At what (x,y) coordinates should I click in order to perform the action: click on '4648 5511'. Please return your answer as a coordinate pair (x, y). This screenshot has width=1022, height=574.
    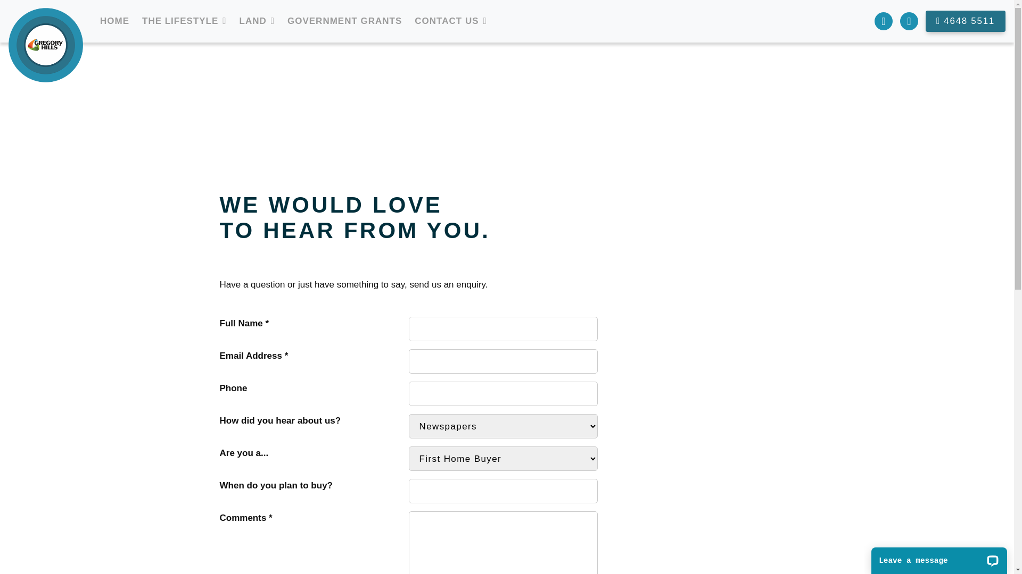
    Looking at the image, I should click on (966, 21).